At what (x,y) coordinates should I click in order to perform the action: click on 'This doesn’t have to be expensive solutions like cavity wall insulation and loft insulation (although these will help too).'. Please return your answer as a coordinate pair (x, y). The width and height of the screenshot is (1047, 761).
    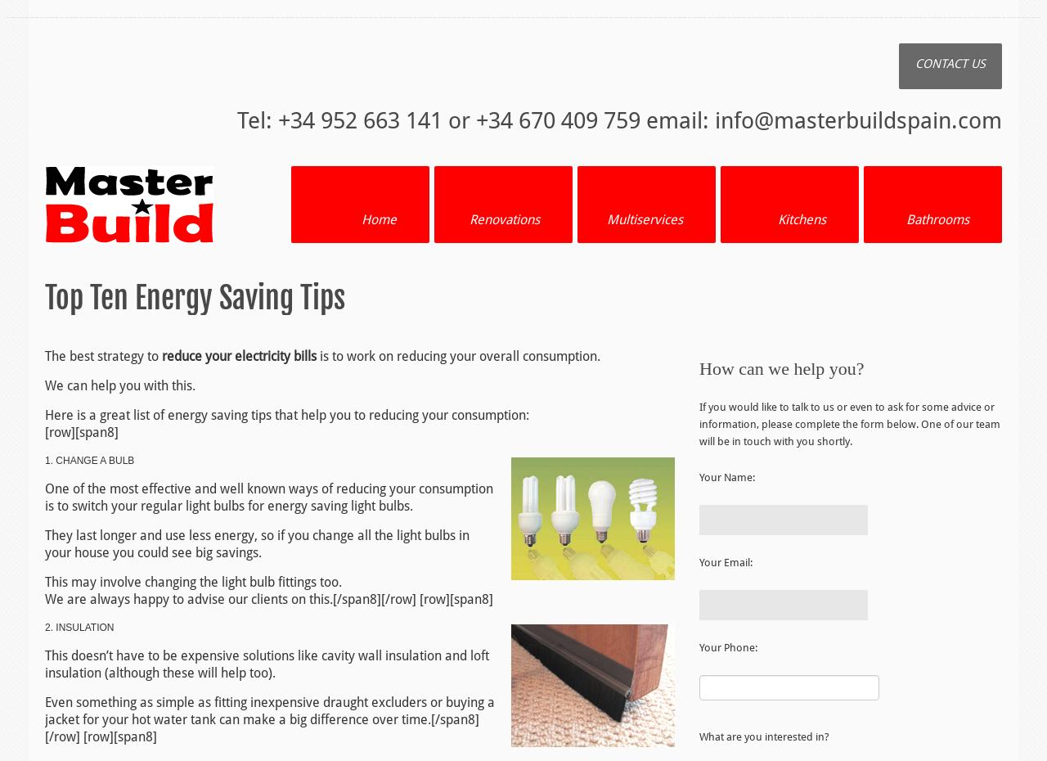
    Looking at the image, I should click on (267, 662).